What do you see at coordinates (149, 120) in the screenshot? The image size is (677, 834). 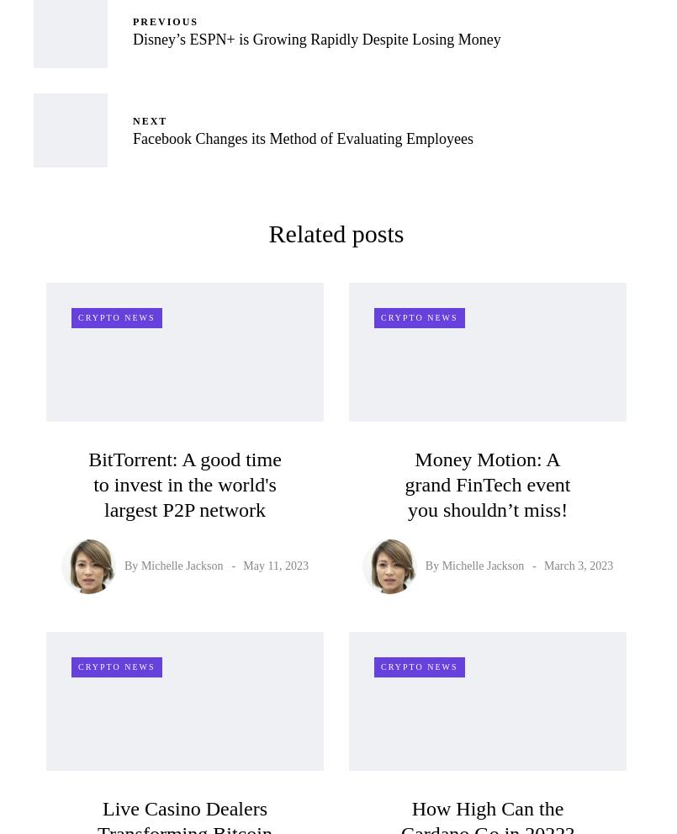 I see `'Next'` at bounding box center [149, 120].